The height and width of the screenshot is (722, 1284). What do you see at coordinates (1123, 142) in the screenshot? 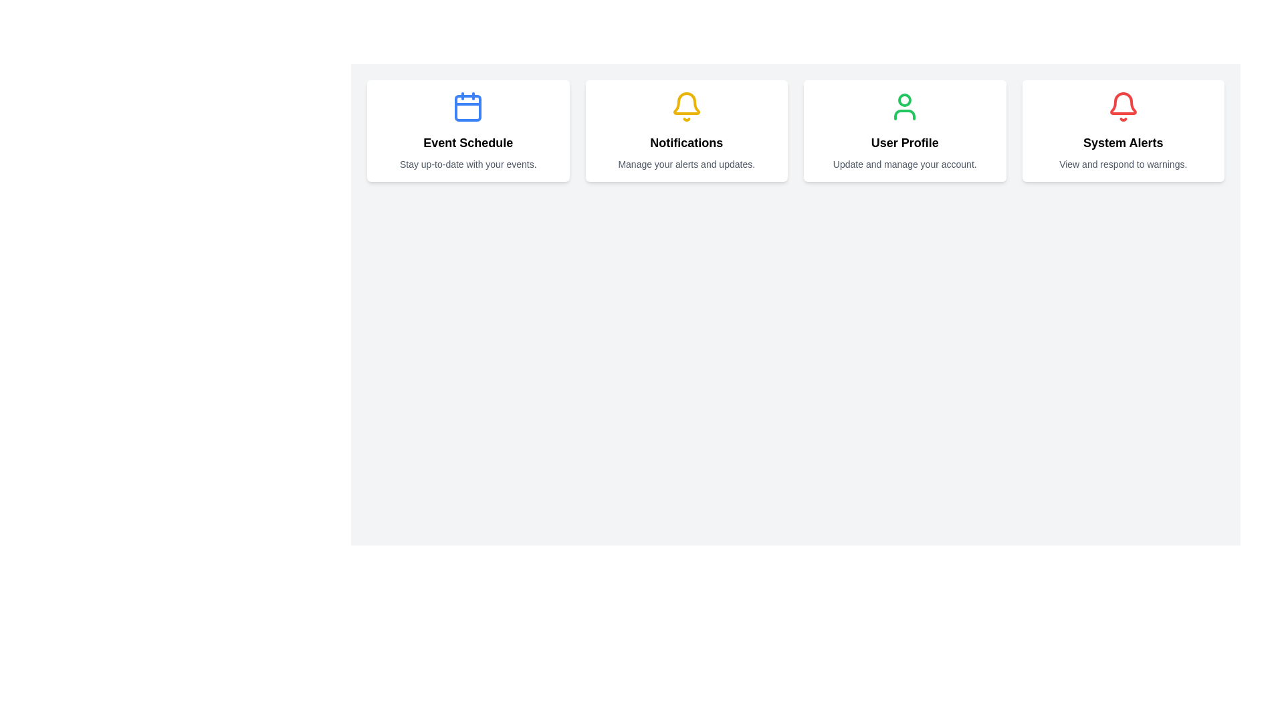
I see `bolded text label 'System Alerts' which is prominently displayed in the fourth card of a horizontal row, located at the center coordinates provided` at bounding box center [1123, 142].